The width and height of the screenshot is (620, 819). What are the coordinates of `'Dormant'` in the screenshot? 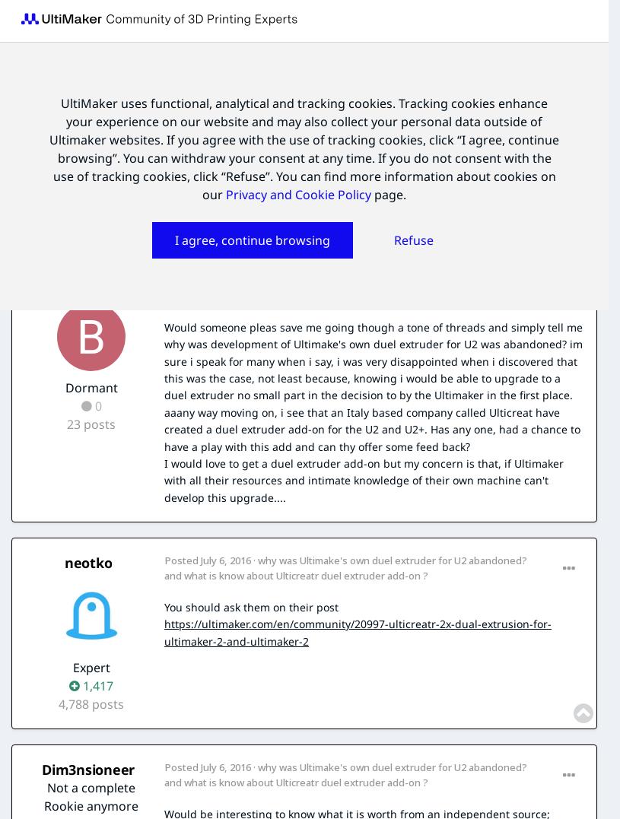 It's located at (64, 386).